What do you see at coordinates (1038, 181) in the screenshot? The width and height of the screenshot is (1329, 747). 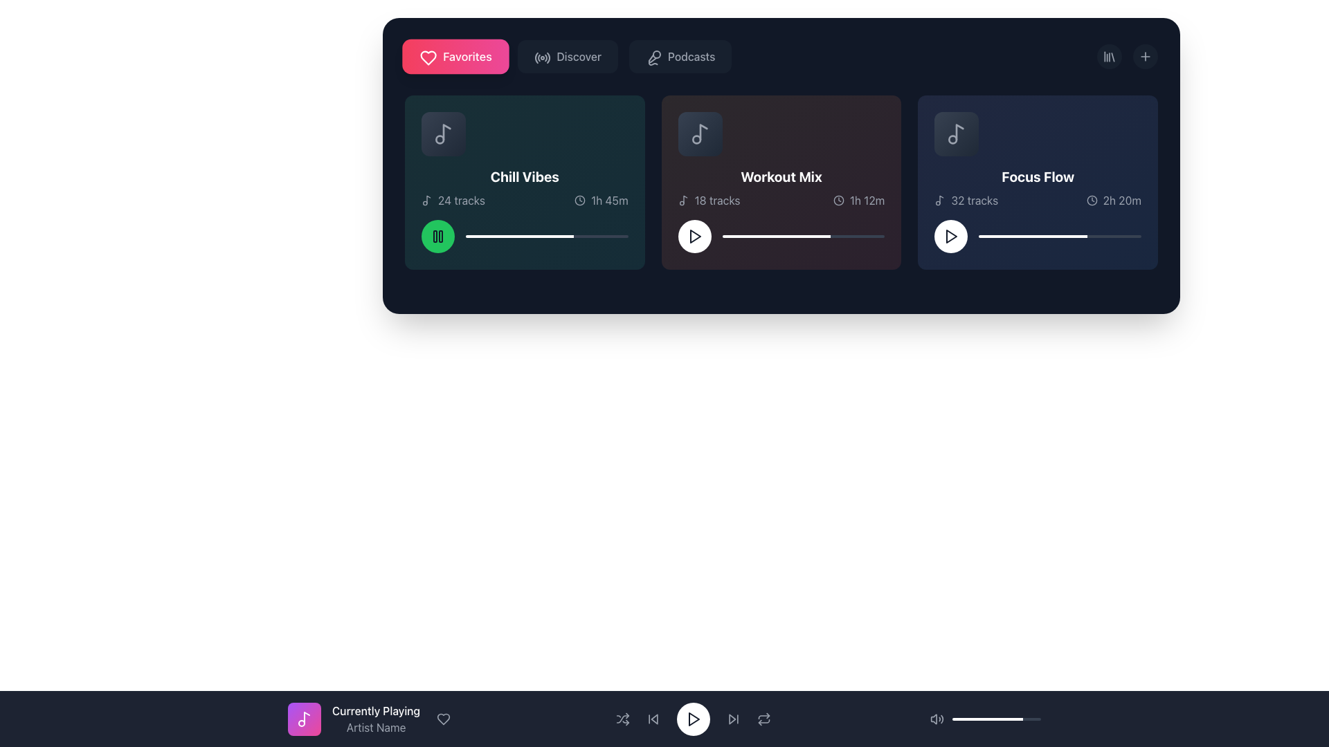 I see `text label titled 'Focus Flow' located in the third card on the rightmost side of the second section, below the top navigation bar` at bounding box center [1038, 181].